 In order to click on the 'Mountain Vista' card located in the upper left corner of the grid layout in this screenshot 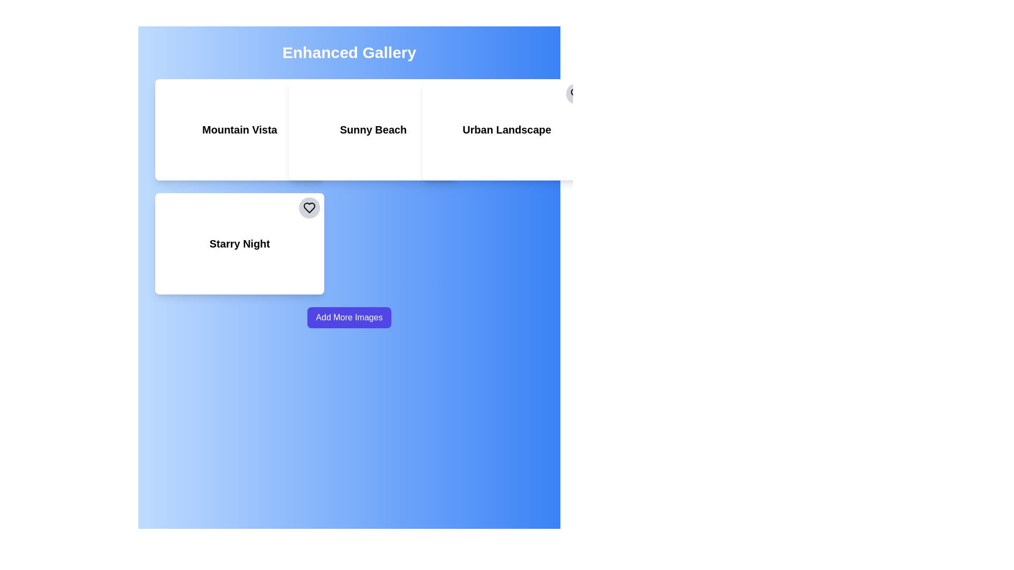, I will do `click(239, 129)`.